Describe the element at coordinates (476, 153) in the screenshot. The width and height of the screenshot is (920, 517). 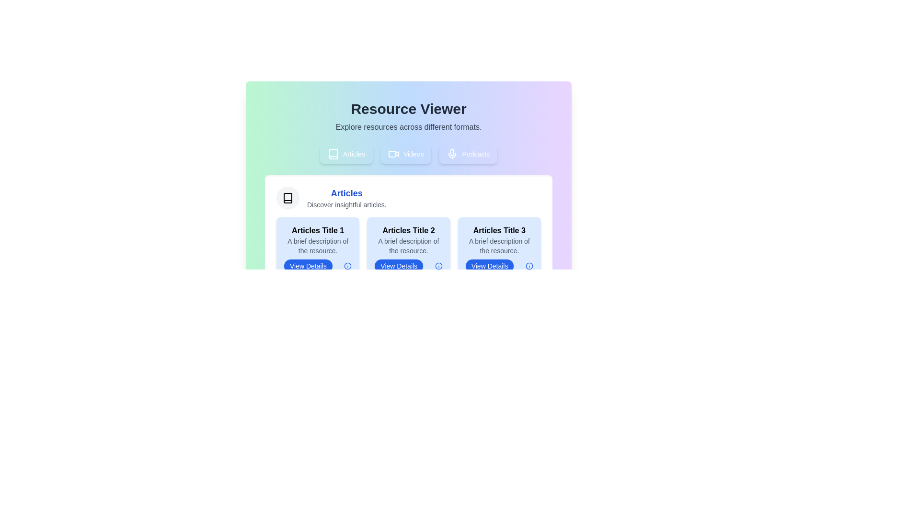
I see `the 'Podcasts' text label located in the navigation menu under 'Resource Viewer'` at that location.